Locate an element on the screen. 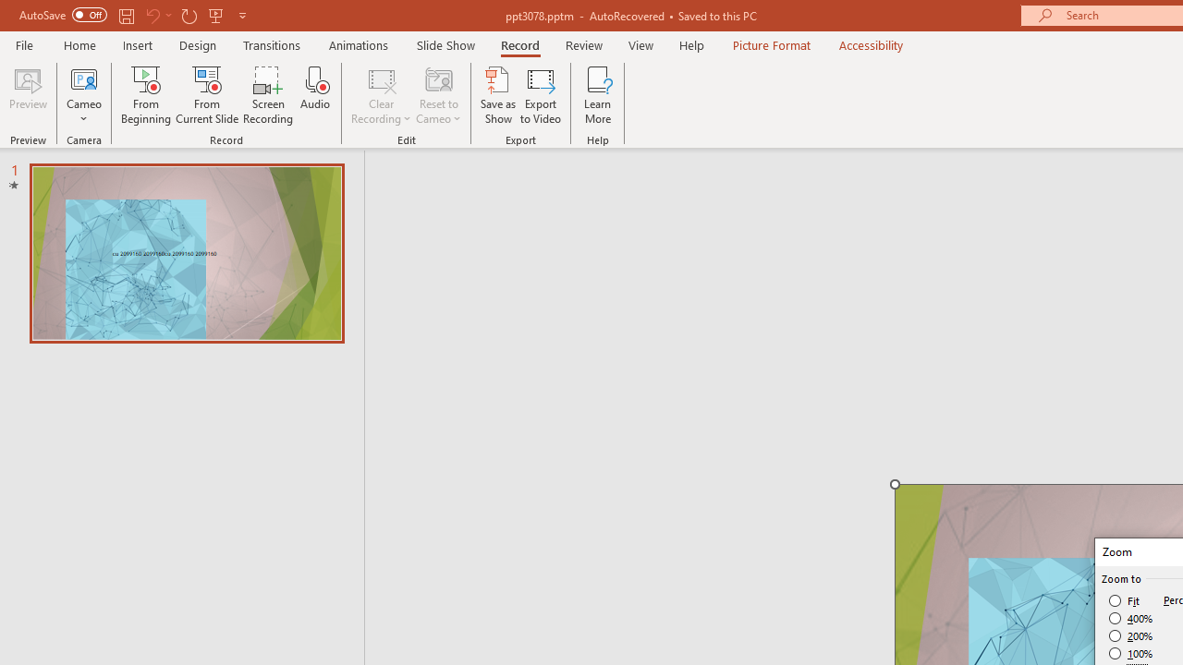 This screenshot has width=1183, height=665. 'Screen Recording' is located at coordinates (267, 95).